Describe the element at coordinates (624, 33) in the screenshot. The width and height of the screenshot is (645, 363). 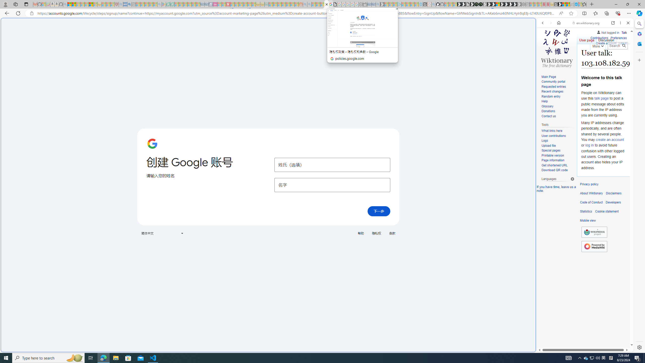
I see `'Talk'` at that location.